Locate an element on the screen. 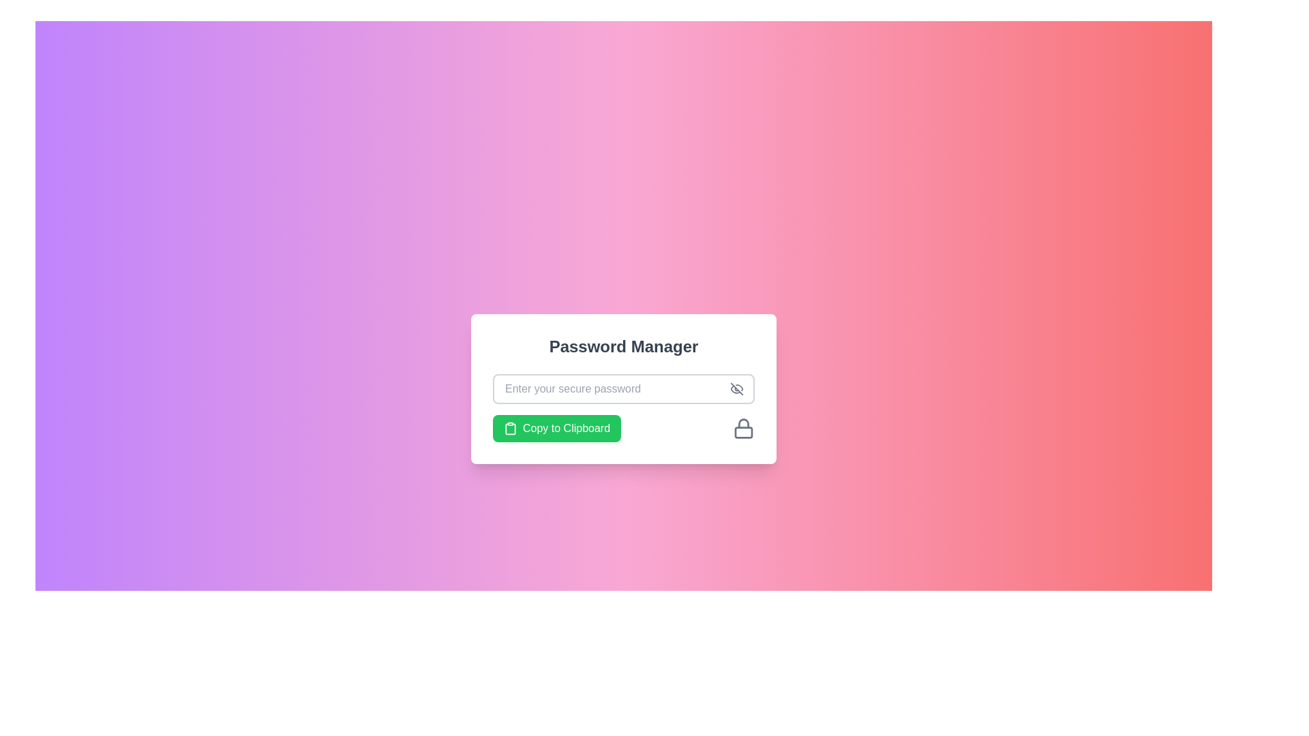 The image size is (1309, 736). the green button at the bottom-left of the password manager card layout that contains the text label for copying a password or text to the clipboard is located at coordinates (566, 427).